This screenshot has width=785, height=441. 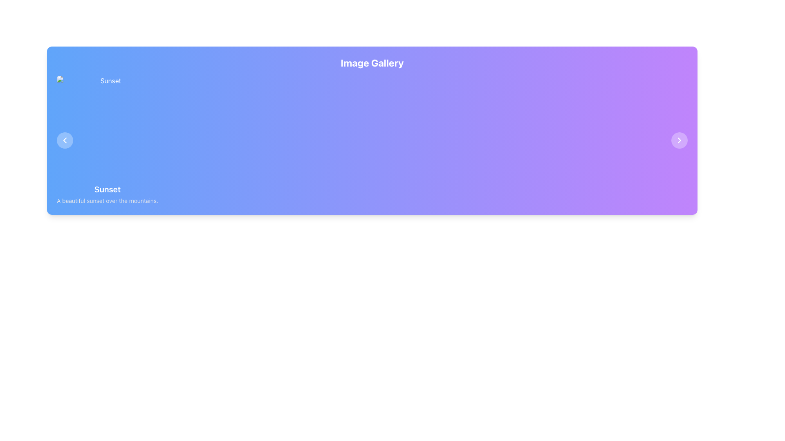 I want to click on the right-pointing arrow icon, which is styled with a minimalistic outline design and located at the far-right side of the navigation panel, to move to the next item, so click(x=679, y=140).